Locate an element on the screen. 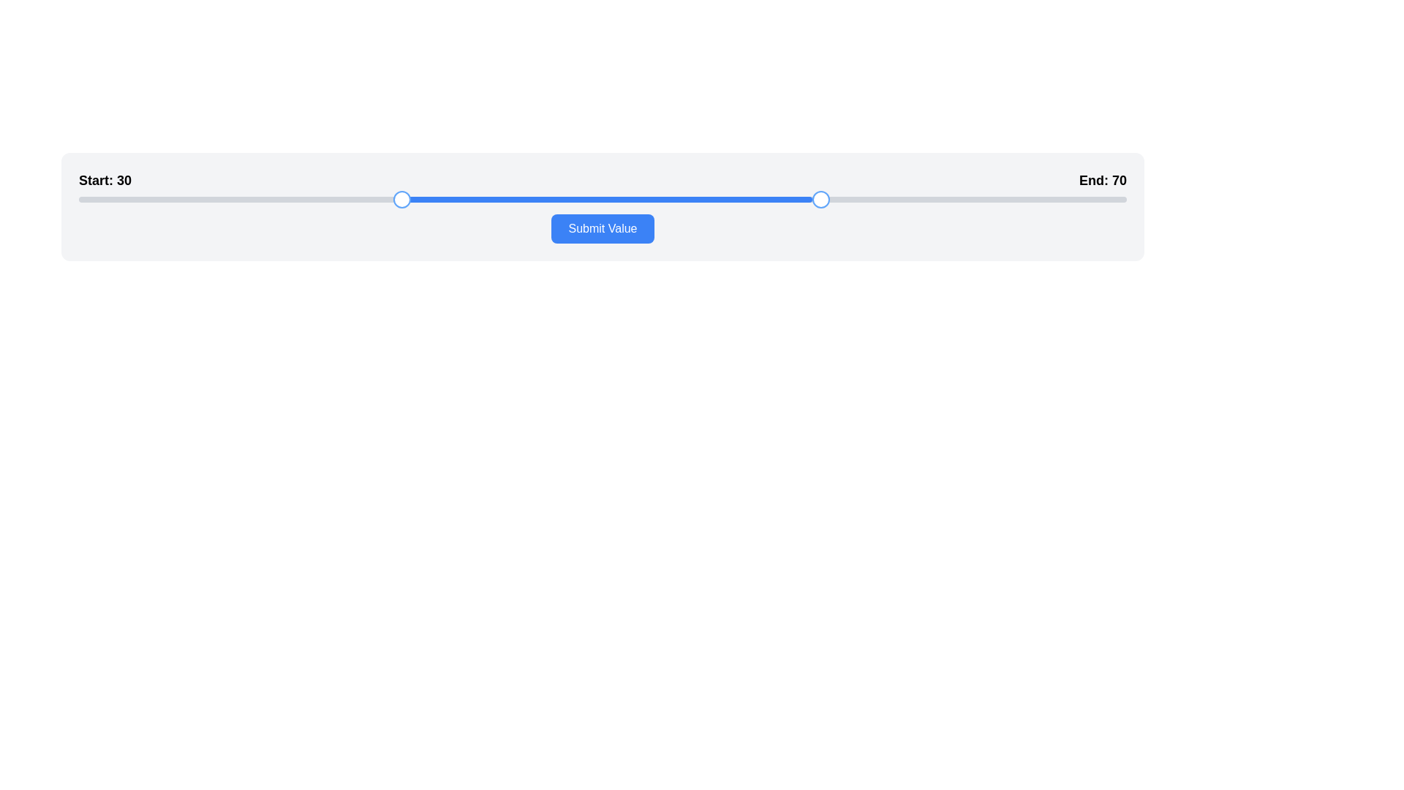  the slider thumb is located at coordinates (346, 200).